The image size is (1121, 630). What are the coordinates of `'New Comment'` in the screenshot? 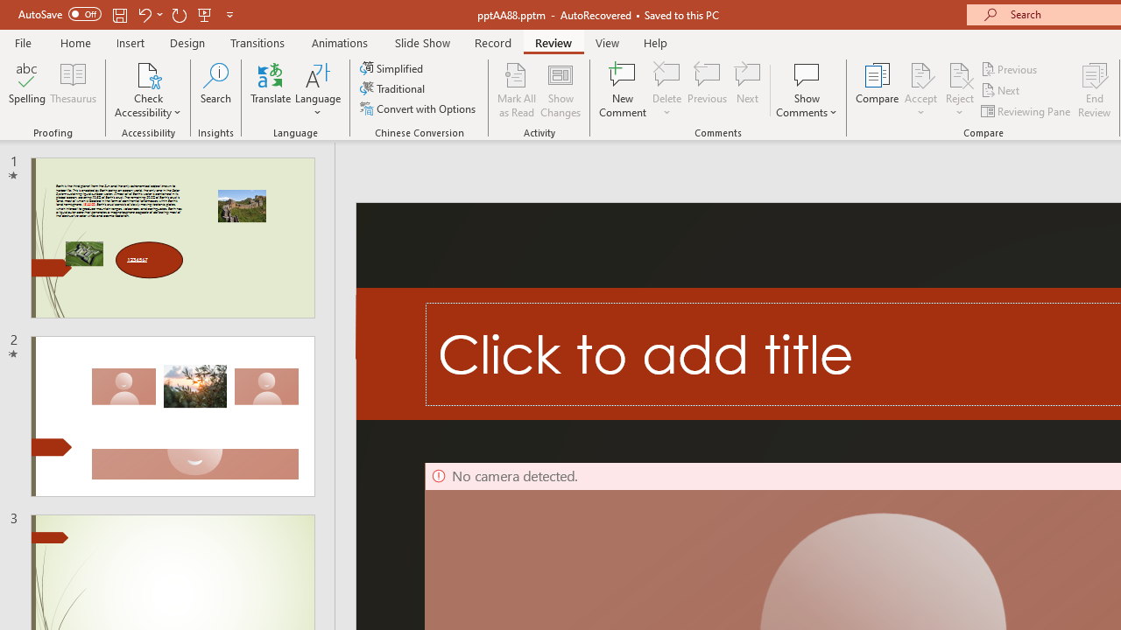 It's located at (623, 90).